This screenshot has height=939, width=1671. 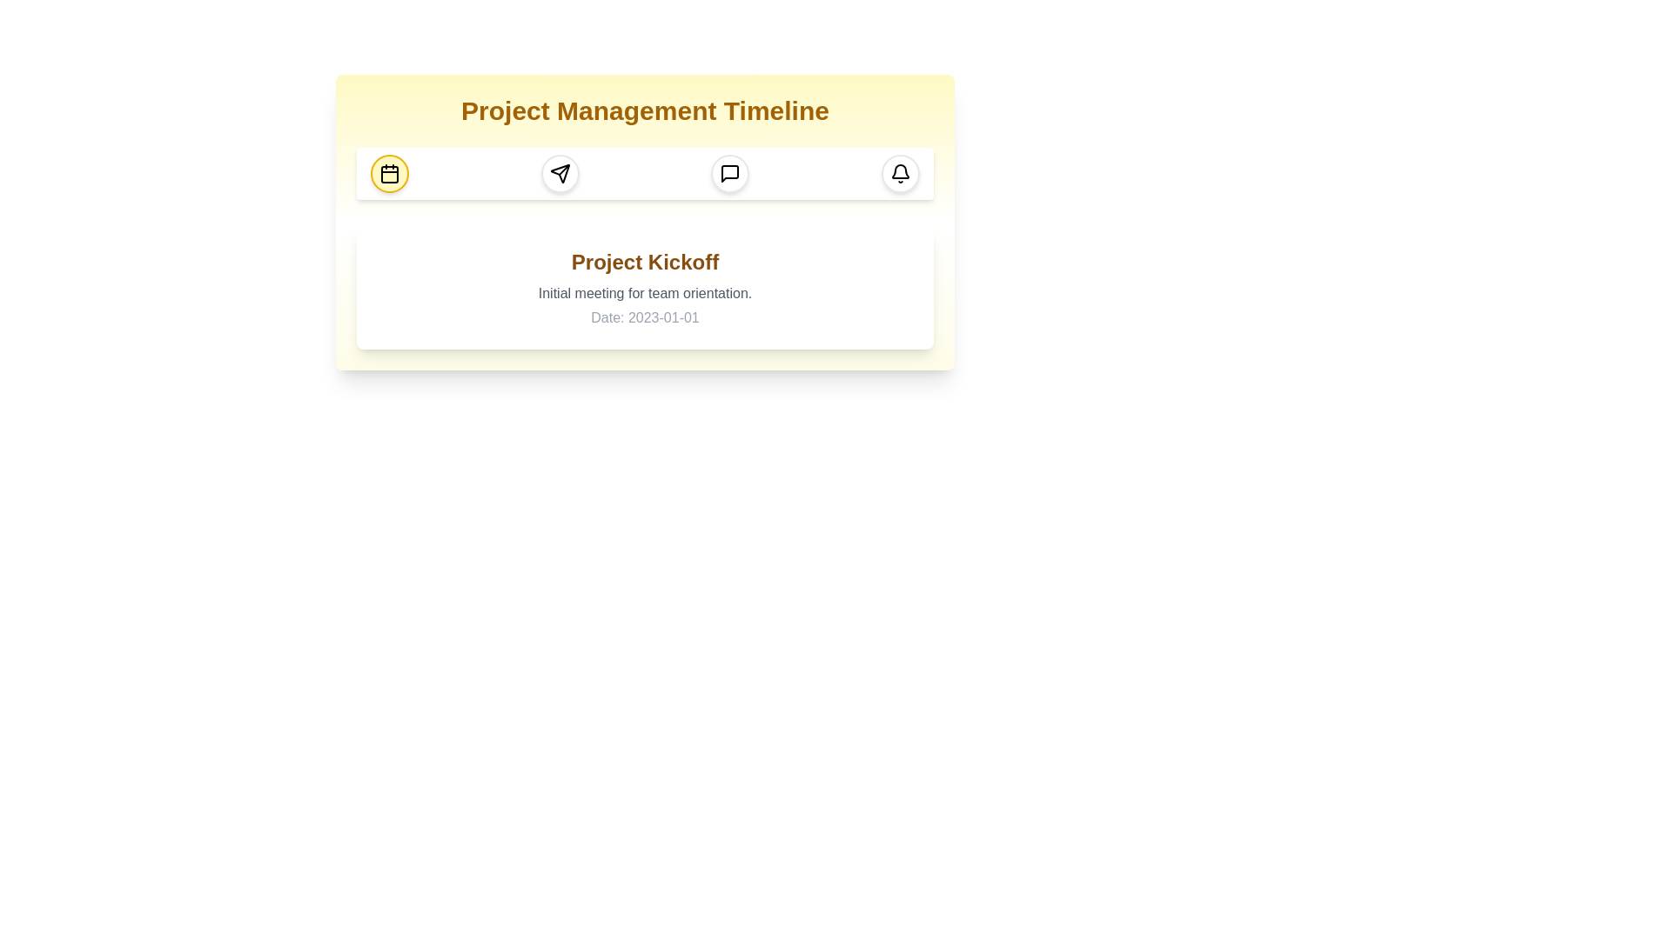 What do you see at coordinates (644, 318) in the screenshot?
I see `the text label displaying 'Date: 2023-01-01' at the bottom of the 'Project Kickoff' card` at bounding box center [644, 318].